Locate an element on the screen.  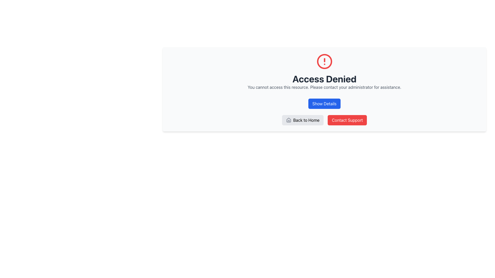
the 'Back to Home' button is located at coordinates (303, 120).